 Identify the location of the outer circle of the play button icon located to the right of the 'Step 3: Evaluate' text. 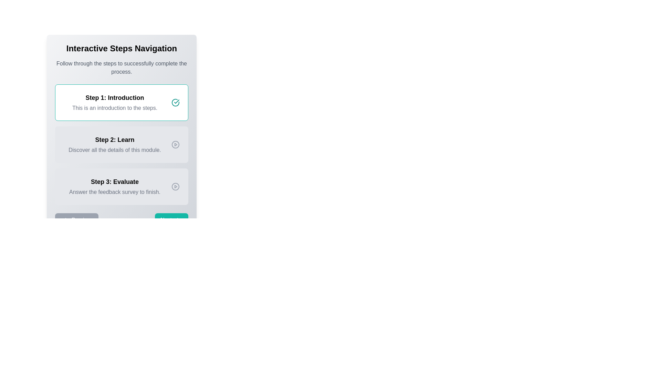
(175, 187).